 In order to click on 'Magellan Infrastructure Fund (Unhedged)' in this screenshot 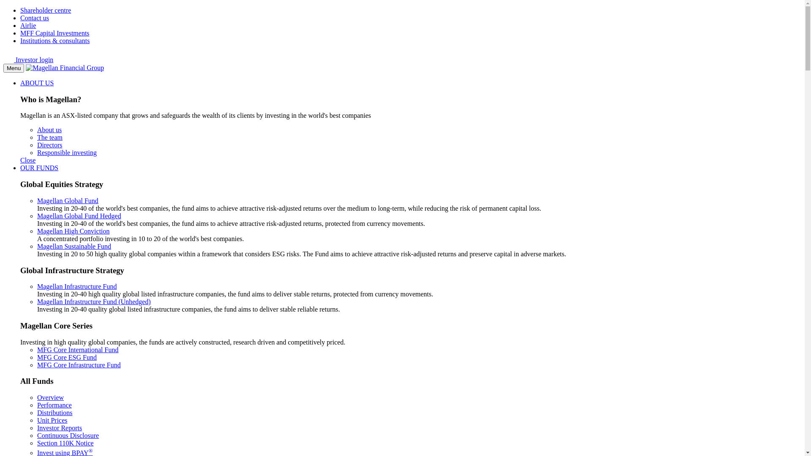, I will do `click(94, 301)`.